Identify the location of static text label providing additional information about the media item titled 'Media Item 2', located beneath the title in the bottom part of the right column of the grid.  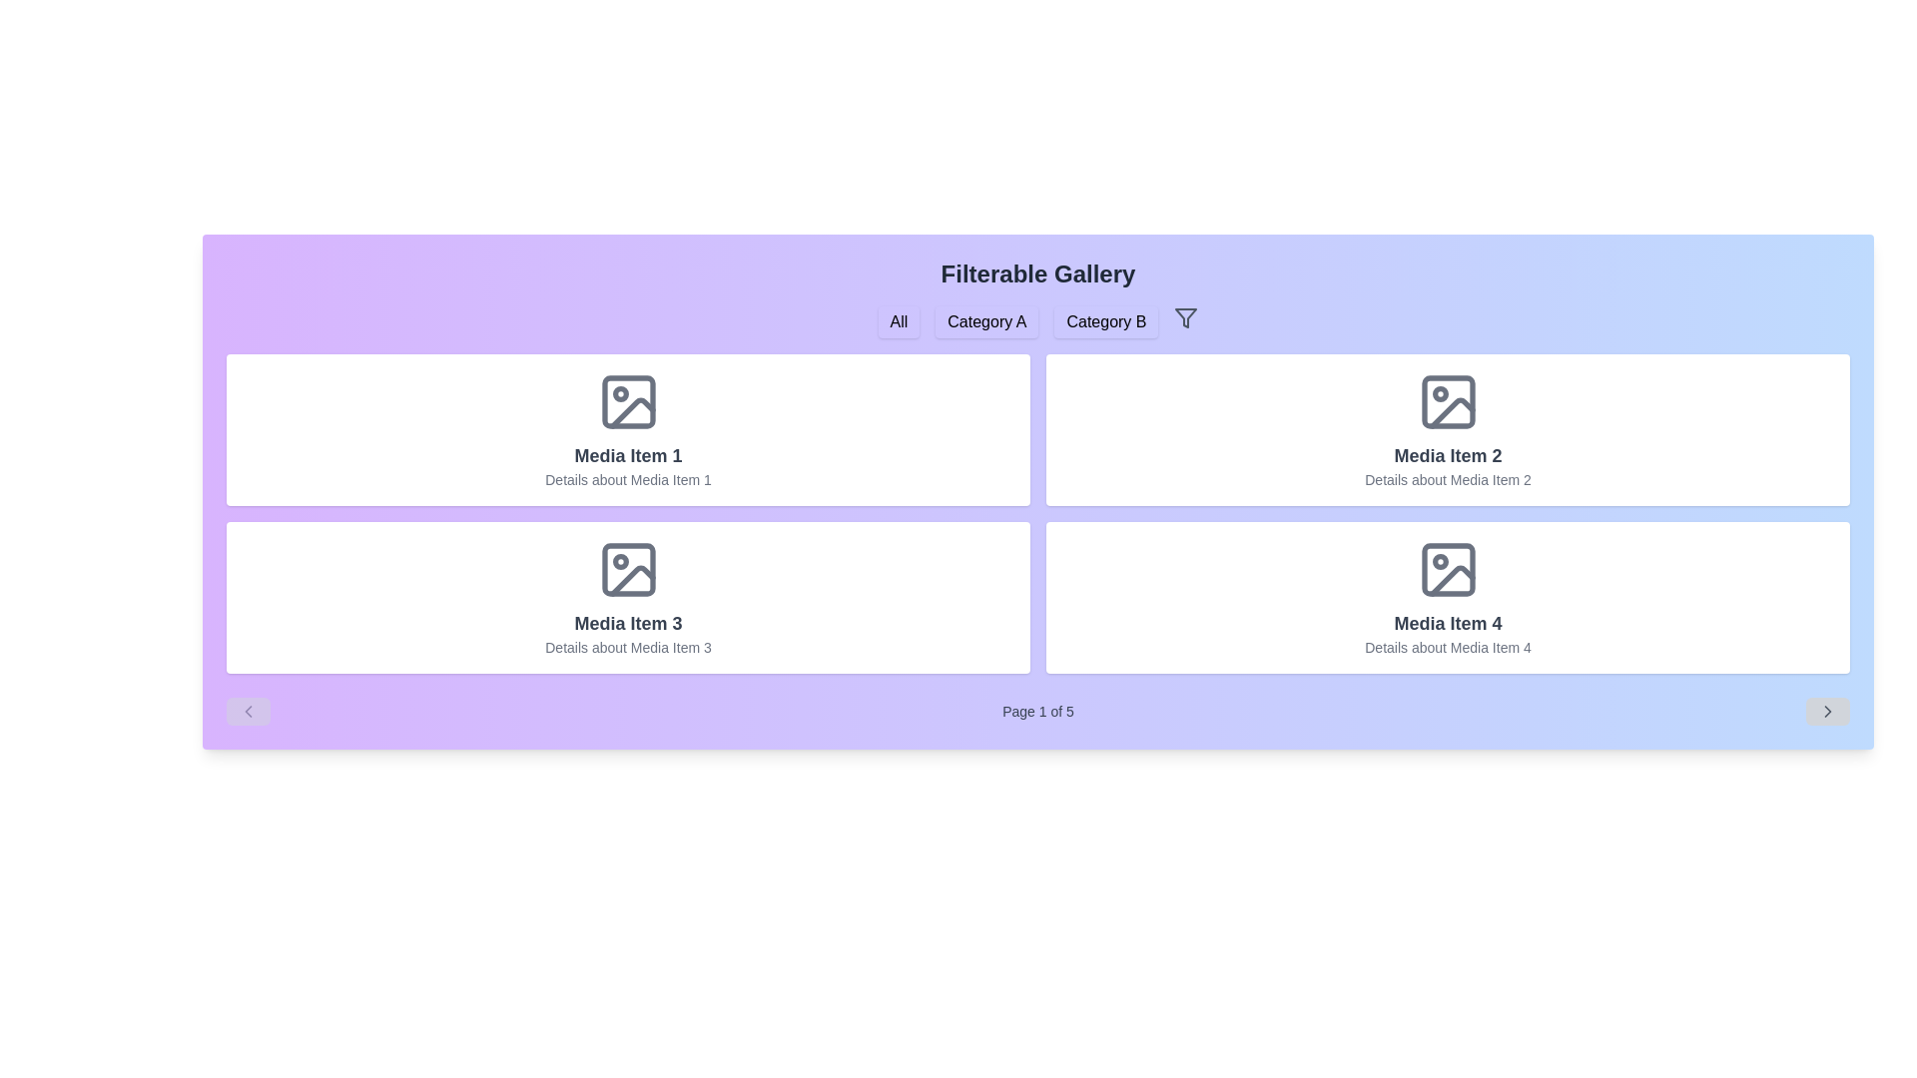
(1448, 480).